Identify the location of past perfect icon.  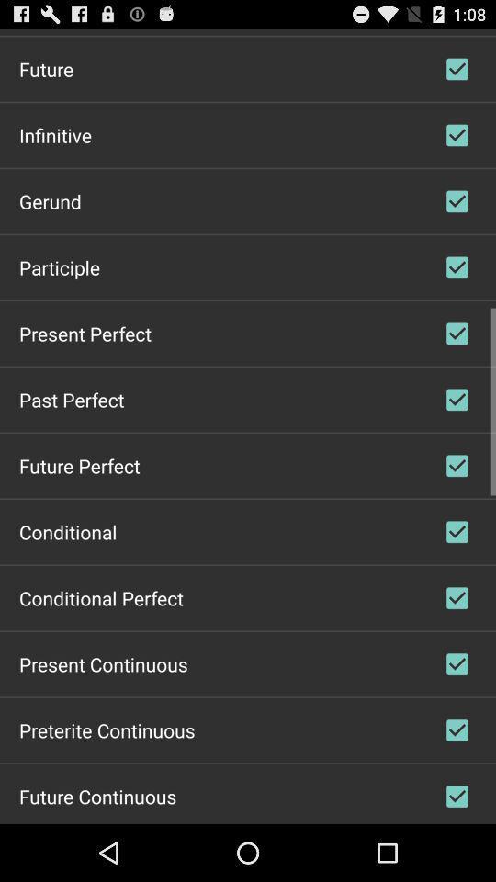
(71, 399).